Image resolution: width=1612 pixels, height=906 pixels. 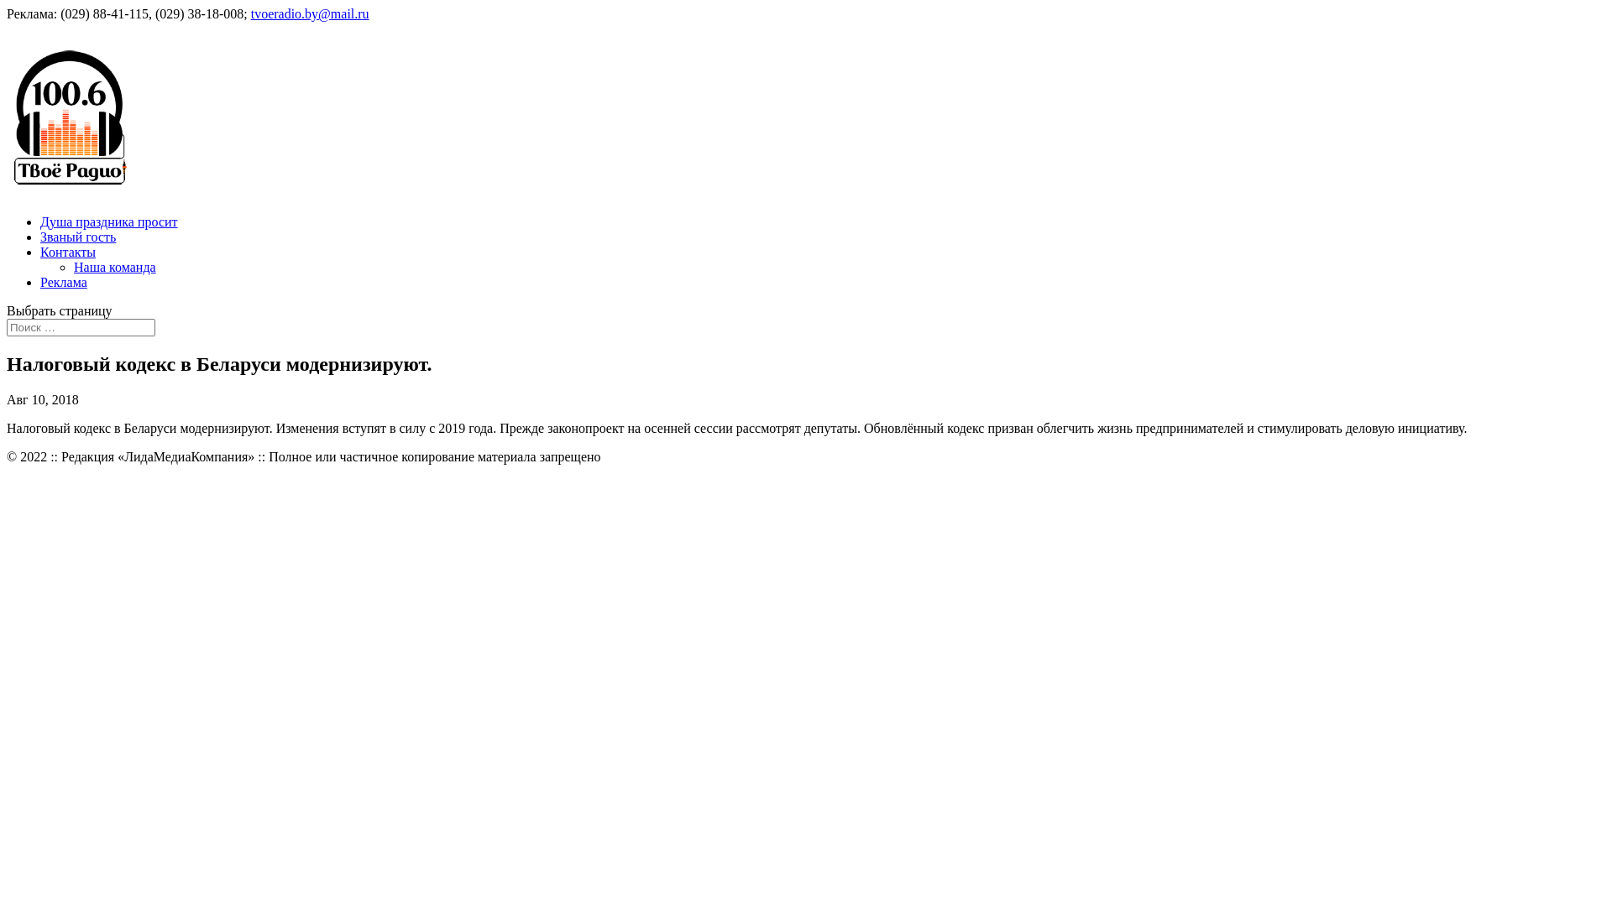 I want to click on 'tvoeradio.by@mail.ru', so click(x=249, y=13).